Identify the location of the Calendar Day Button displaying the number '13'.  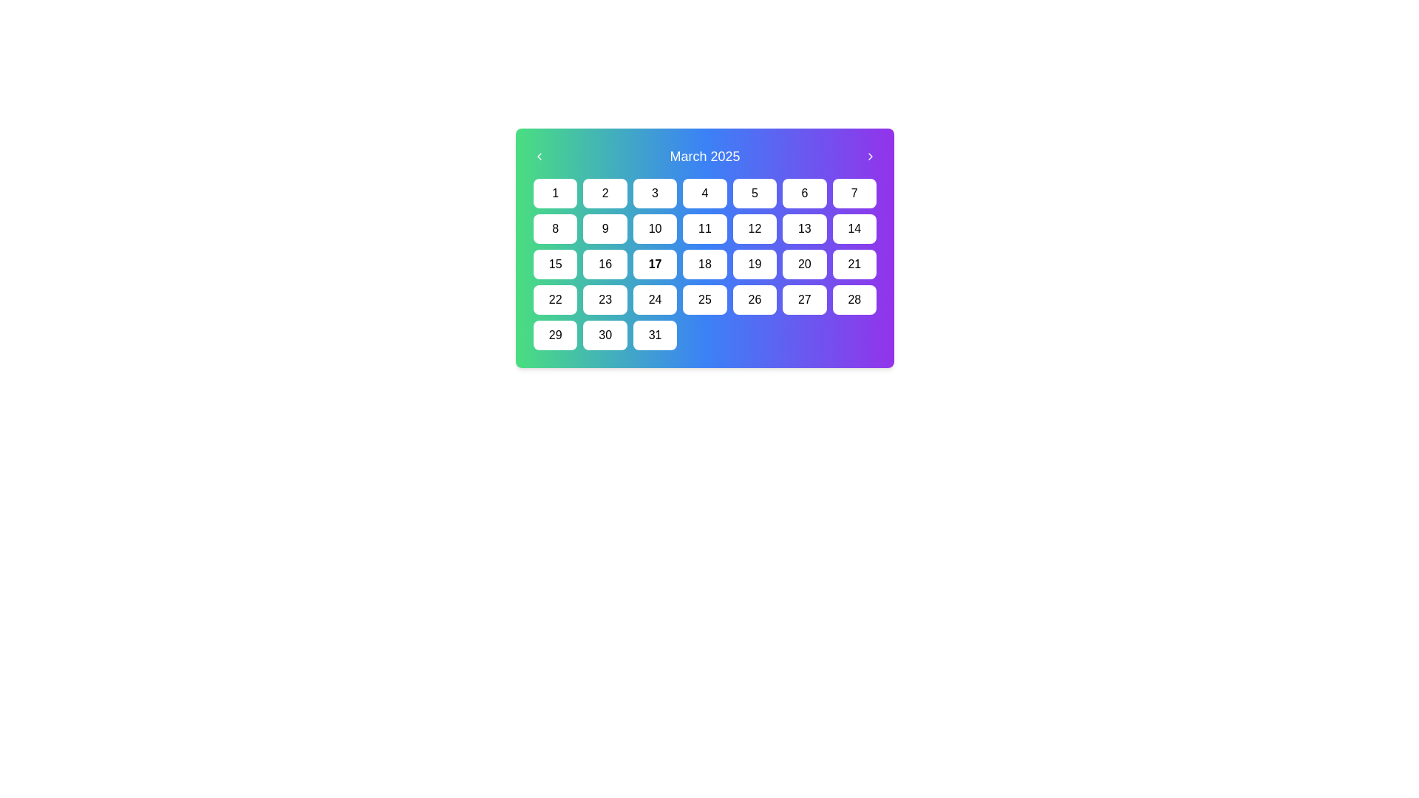
(803, 228).